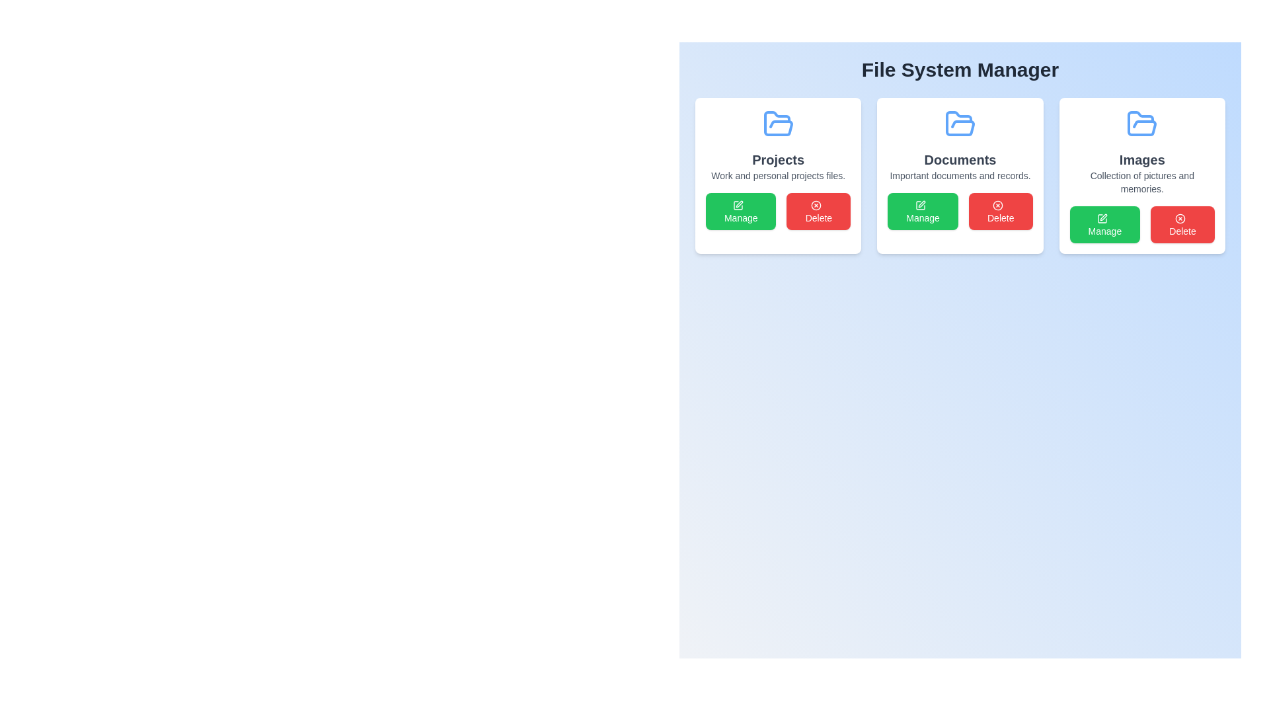 The width and height of the screenshot is (1269, 714). I want to click on the 'Delete' button, which is a rectangular button with a red background and white text, so click(1182, 223).